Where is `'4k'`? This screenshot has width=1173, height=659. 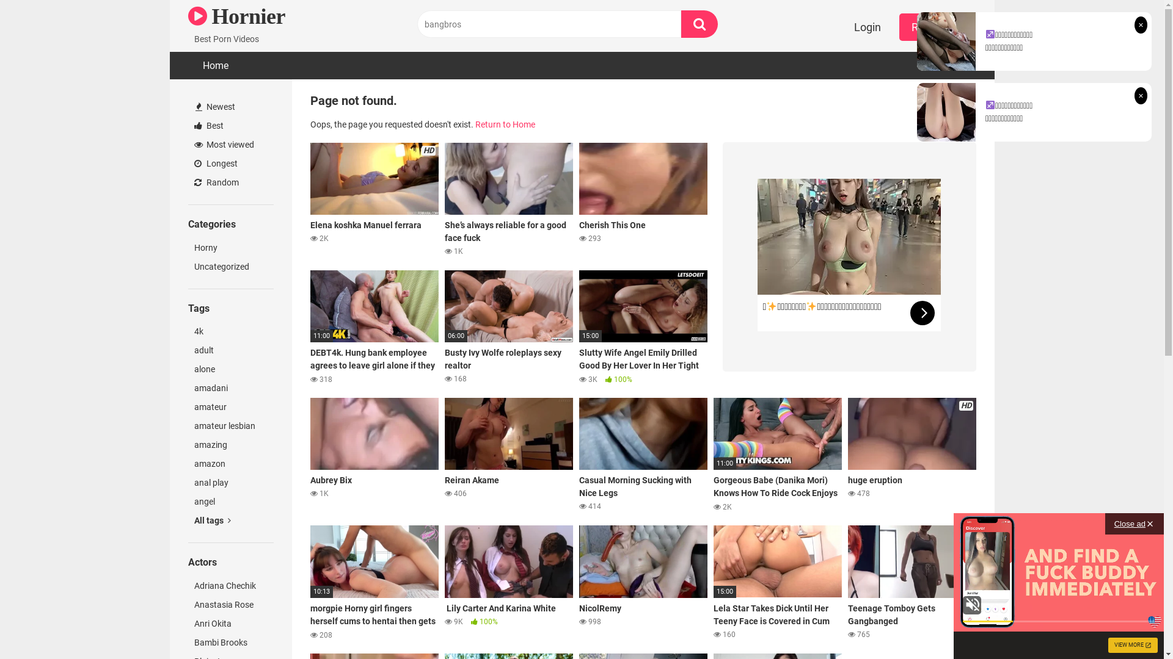 '4k' is located at coordinates (231, 331).